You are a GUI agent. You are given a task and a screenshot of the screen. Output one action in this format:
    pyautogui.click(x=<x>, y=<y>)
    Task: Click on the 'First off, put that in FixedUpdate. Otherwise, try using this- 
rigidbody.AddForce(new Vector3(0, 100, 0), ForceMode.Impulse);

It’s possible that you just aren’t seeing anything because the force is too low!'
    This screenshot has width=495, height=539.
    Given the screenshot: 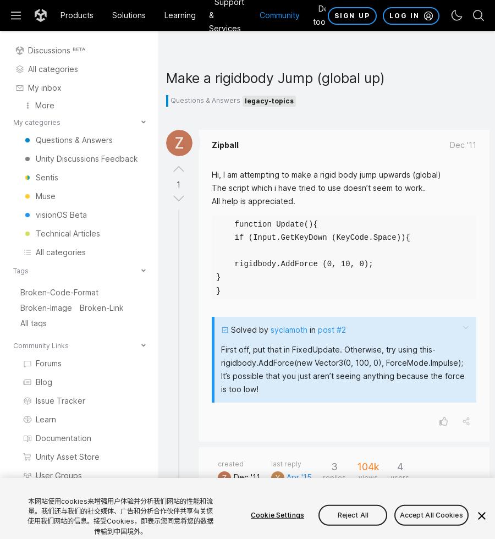 What is the action you would take?
    pyautogui.click(x=343, y=369)
    